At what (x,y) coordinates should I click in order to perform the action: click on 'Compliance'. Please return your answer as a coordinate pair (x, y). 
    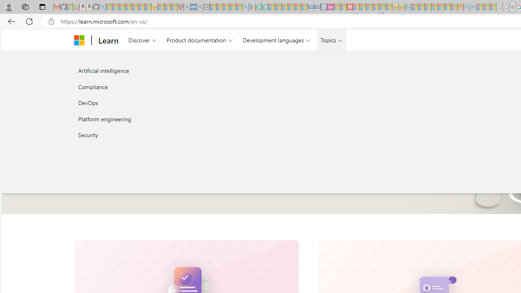
    Looking at the image, I should click on (160, 87).